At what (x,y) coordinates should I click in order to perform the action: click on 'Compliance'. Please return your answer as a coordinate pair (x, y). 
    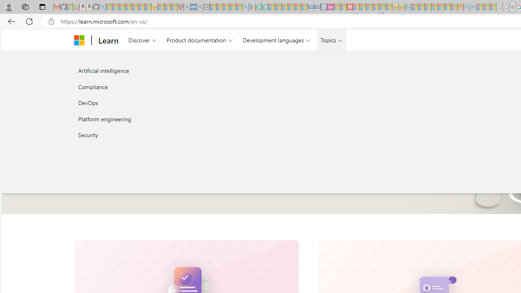
    Looking at the image, I should click on (160, 87).